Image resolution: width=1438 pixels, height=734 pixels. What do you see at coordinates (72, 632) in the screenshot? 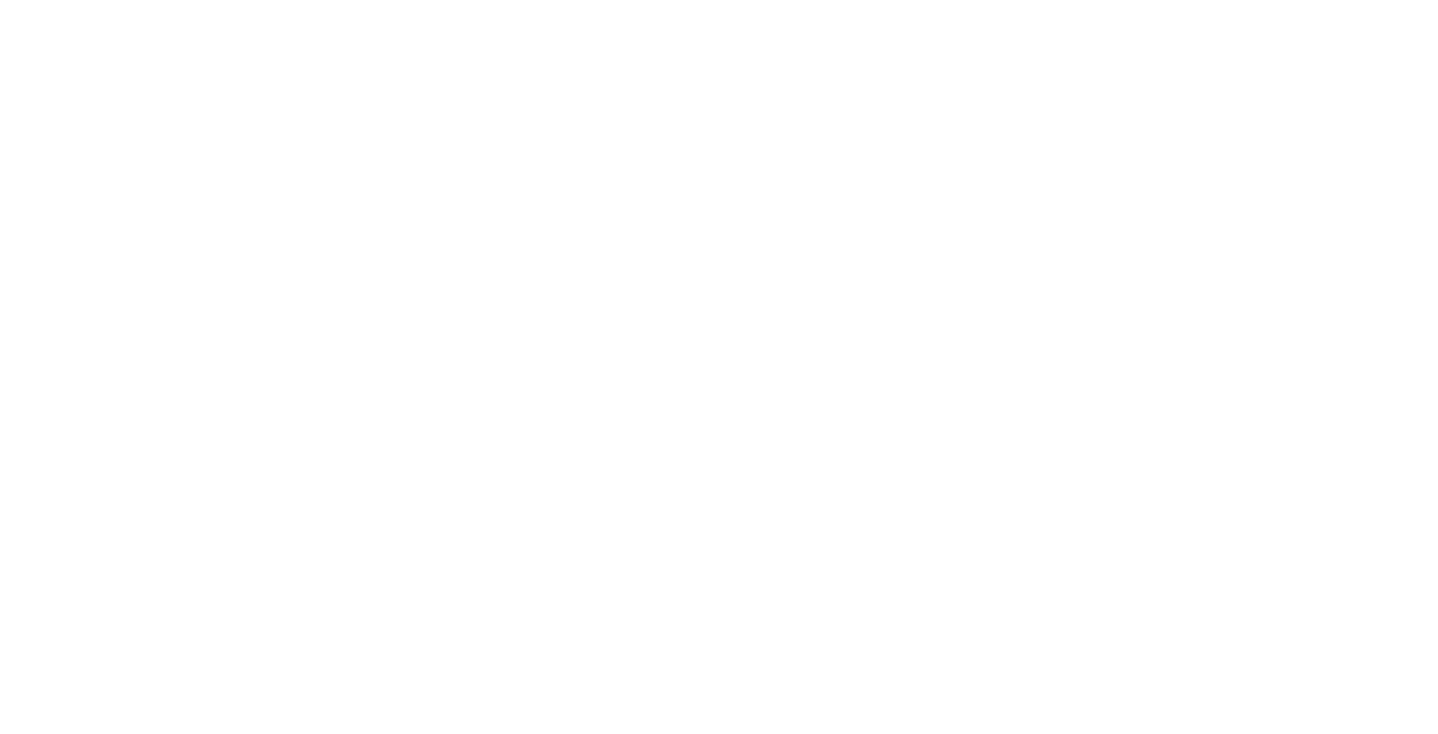
I see `'The University of Texas at Austin'` at bounding box center [72, 632].